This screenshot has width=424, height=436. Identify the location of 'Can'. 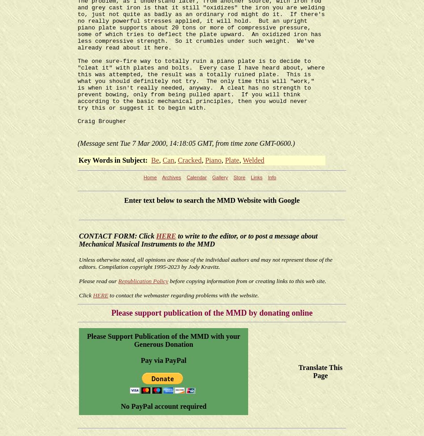
(167, 160).